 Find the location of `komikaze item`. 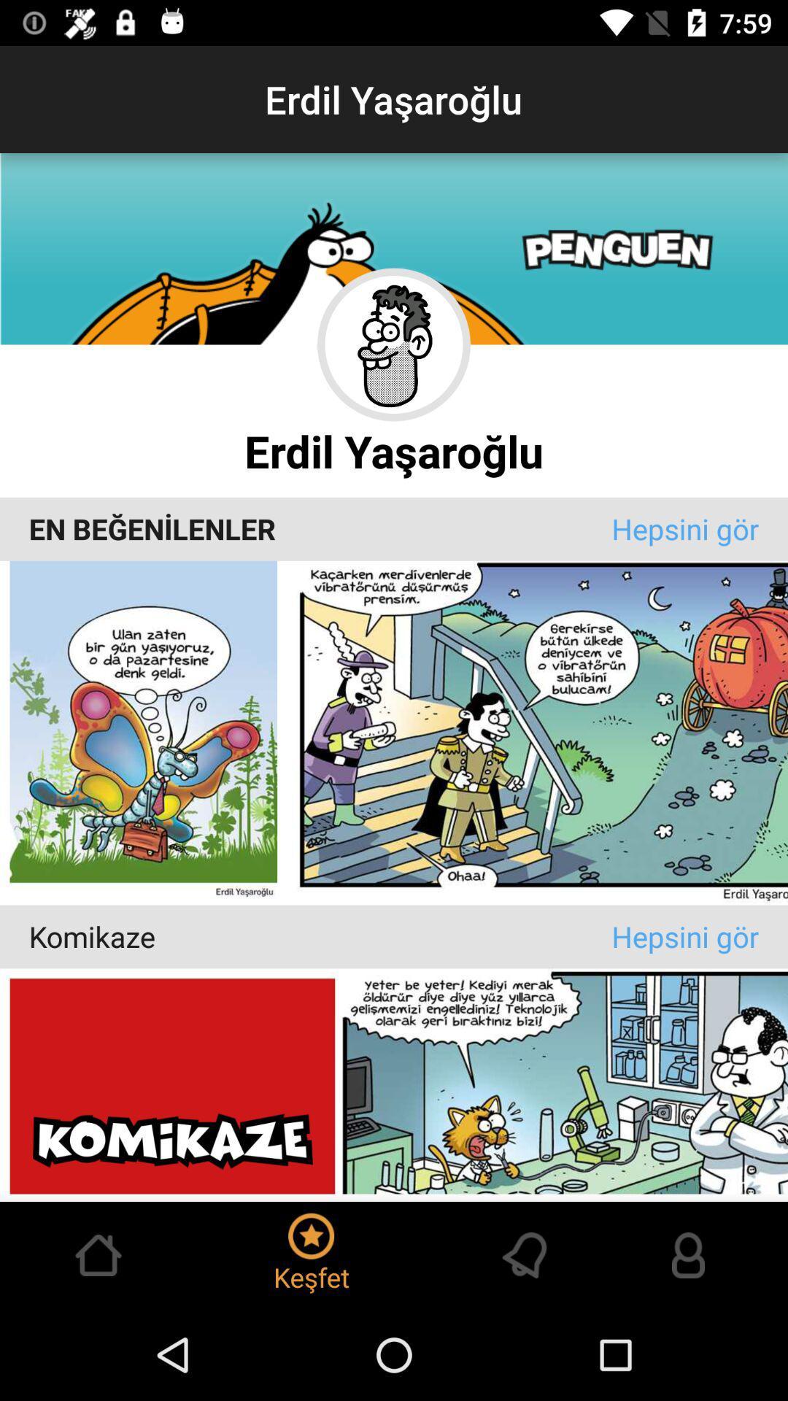

komikaze item is located at coordinates (320, 936).